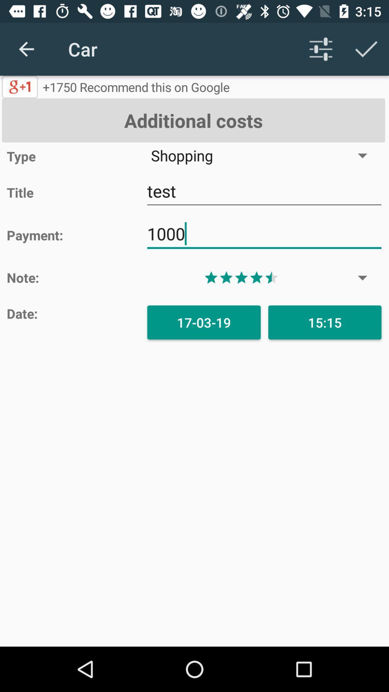 The width and height of the screenshot is (389, 692). I want to click on settings icon, so click(321, 49).